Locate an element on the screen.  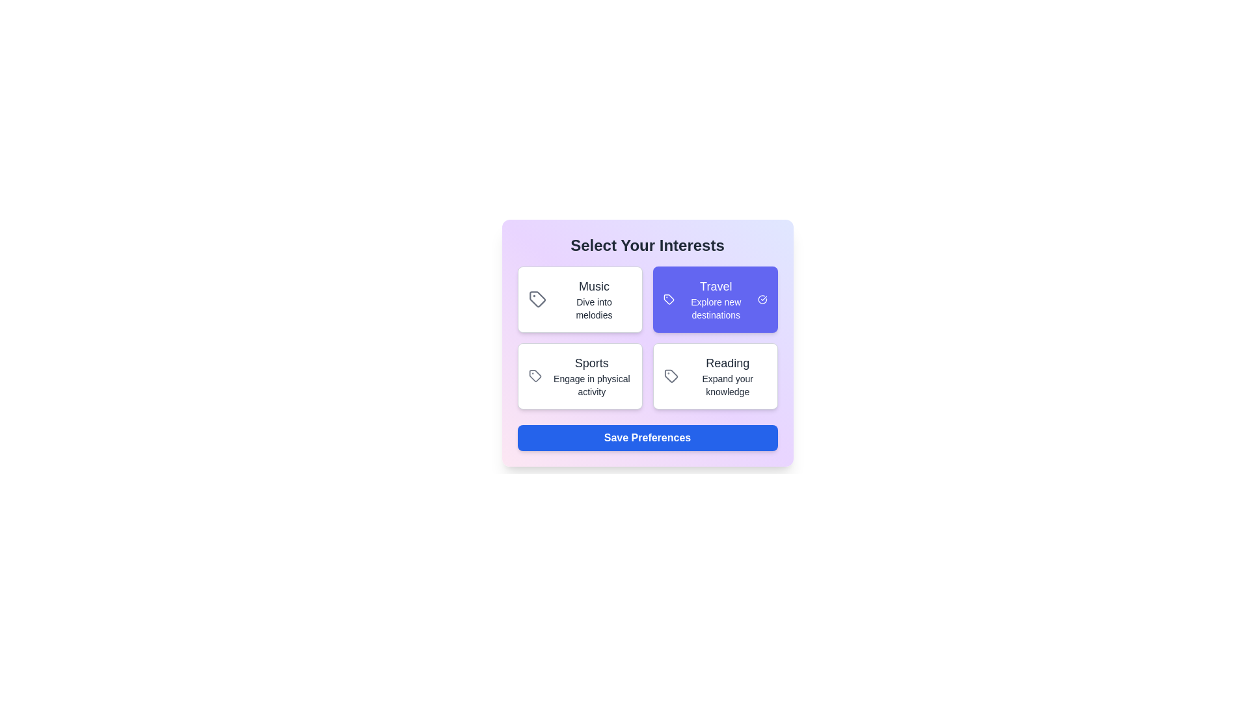
the interest card labeled Travel is located at coordinates (714, 300).